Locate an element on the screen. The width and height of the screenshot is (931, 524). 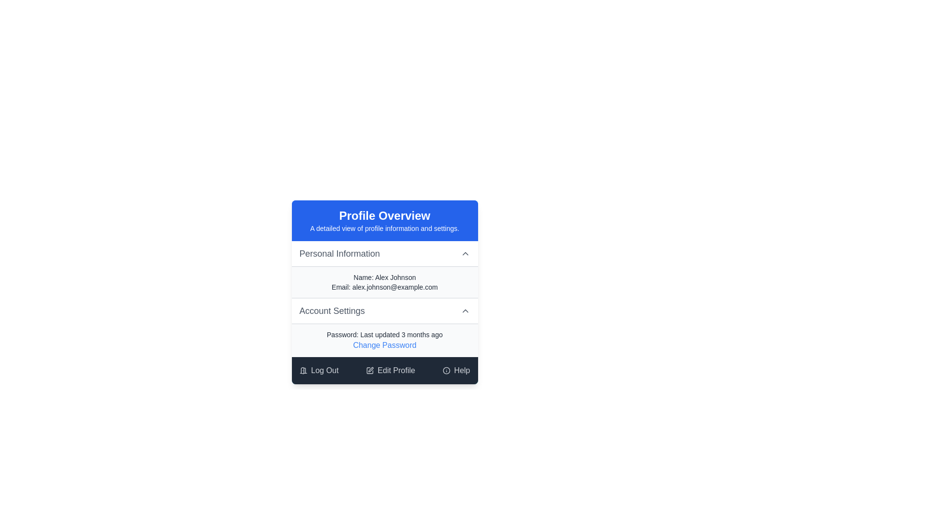
the toggle button for expanding or collapsing the 'Personal Information' section, located just below the 'Profile Overview' section and above the details of 'Name: Alex Johnson' is located at coordinates (384, 253).